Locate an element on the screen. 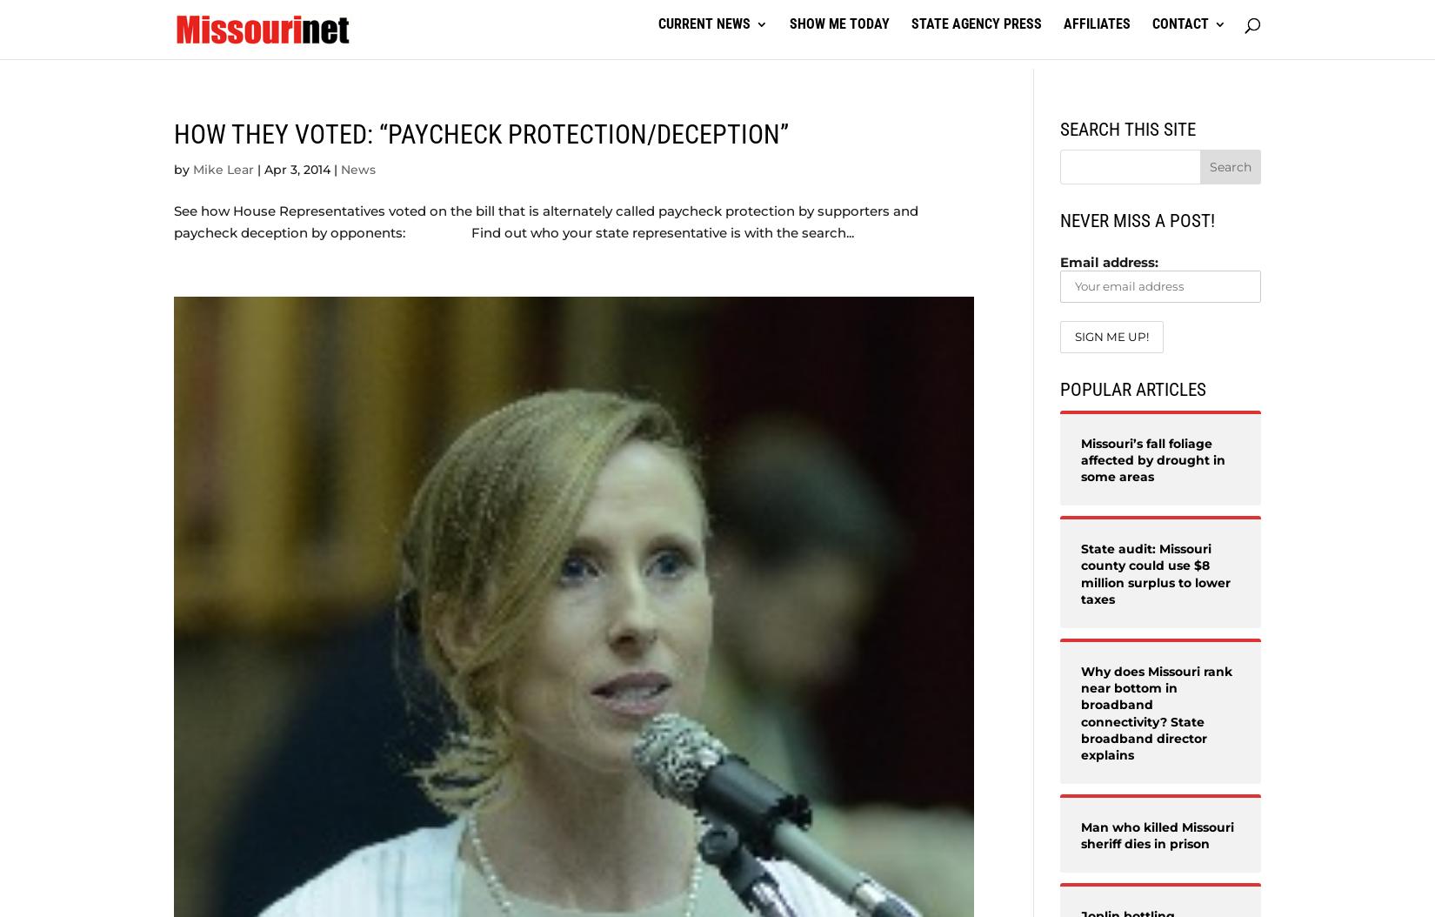 The height and width of the screenshot is (917, 1435). 'Why does Missouri rank near bottom in broadband connectivity? State broadband director explains' is located at coordinates (1156, 711).